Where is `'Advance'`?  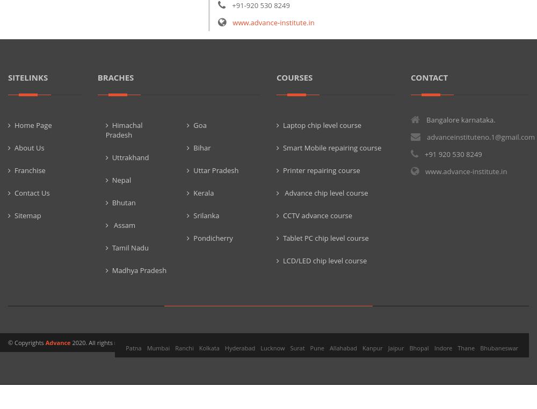 'Advance' is located at coordinates (45, 341).